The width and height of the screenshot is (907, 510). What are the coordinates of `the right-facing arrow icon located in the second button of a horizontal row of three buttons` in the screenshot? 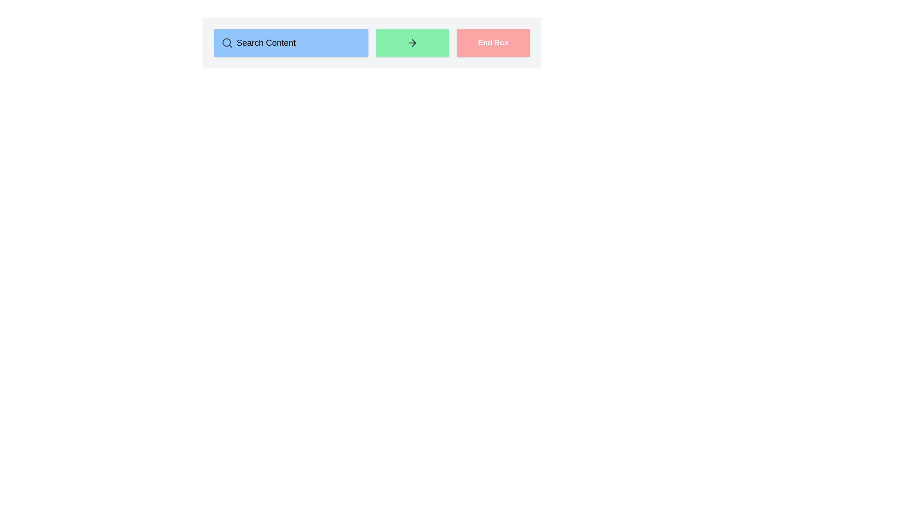 It's located at (412, 43).